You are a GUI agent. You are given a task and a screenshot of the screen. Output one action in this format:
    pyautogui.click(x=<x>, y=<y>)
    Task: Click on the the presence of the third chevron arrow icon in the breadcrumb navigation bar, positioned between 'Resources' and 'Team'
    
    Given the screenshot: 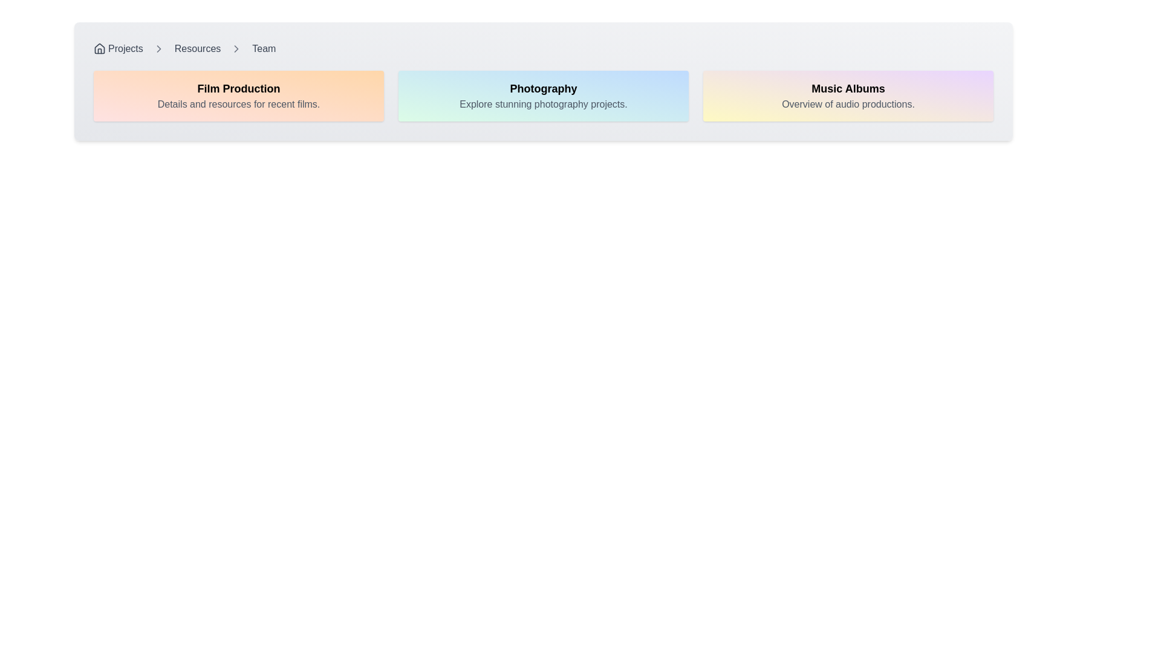 What is the action you would take?
    pyautogui.click(x=236, y=48)
    